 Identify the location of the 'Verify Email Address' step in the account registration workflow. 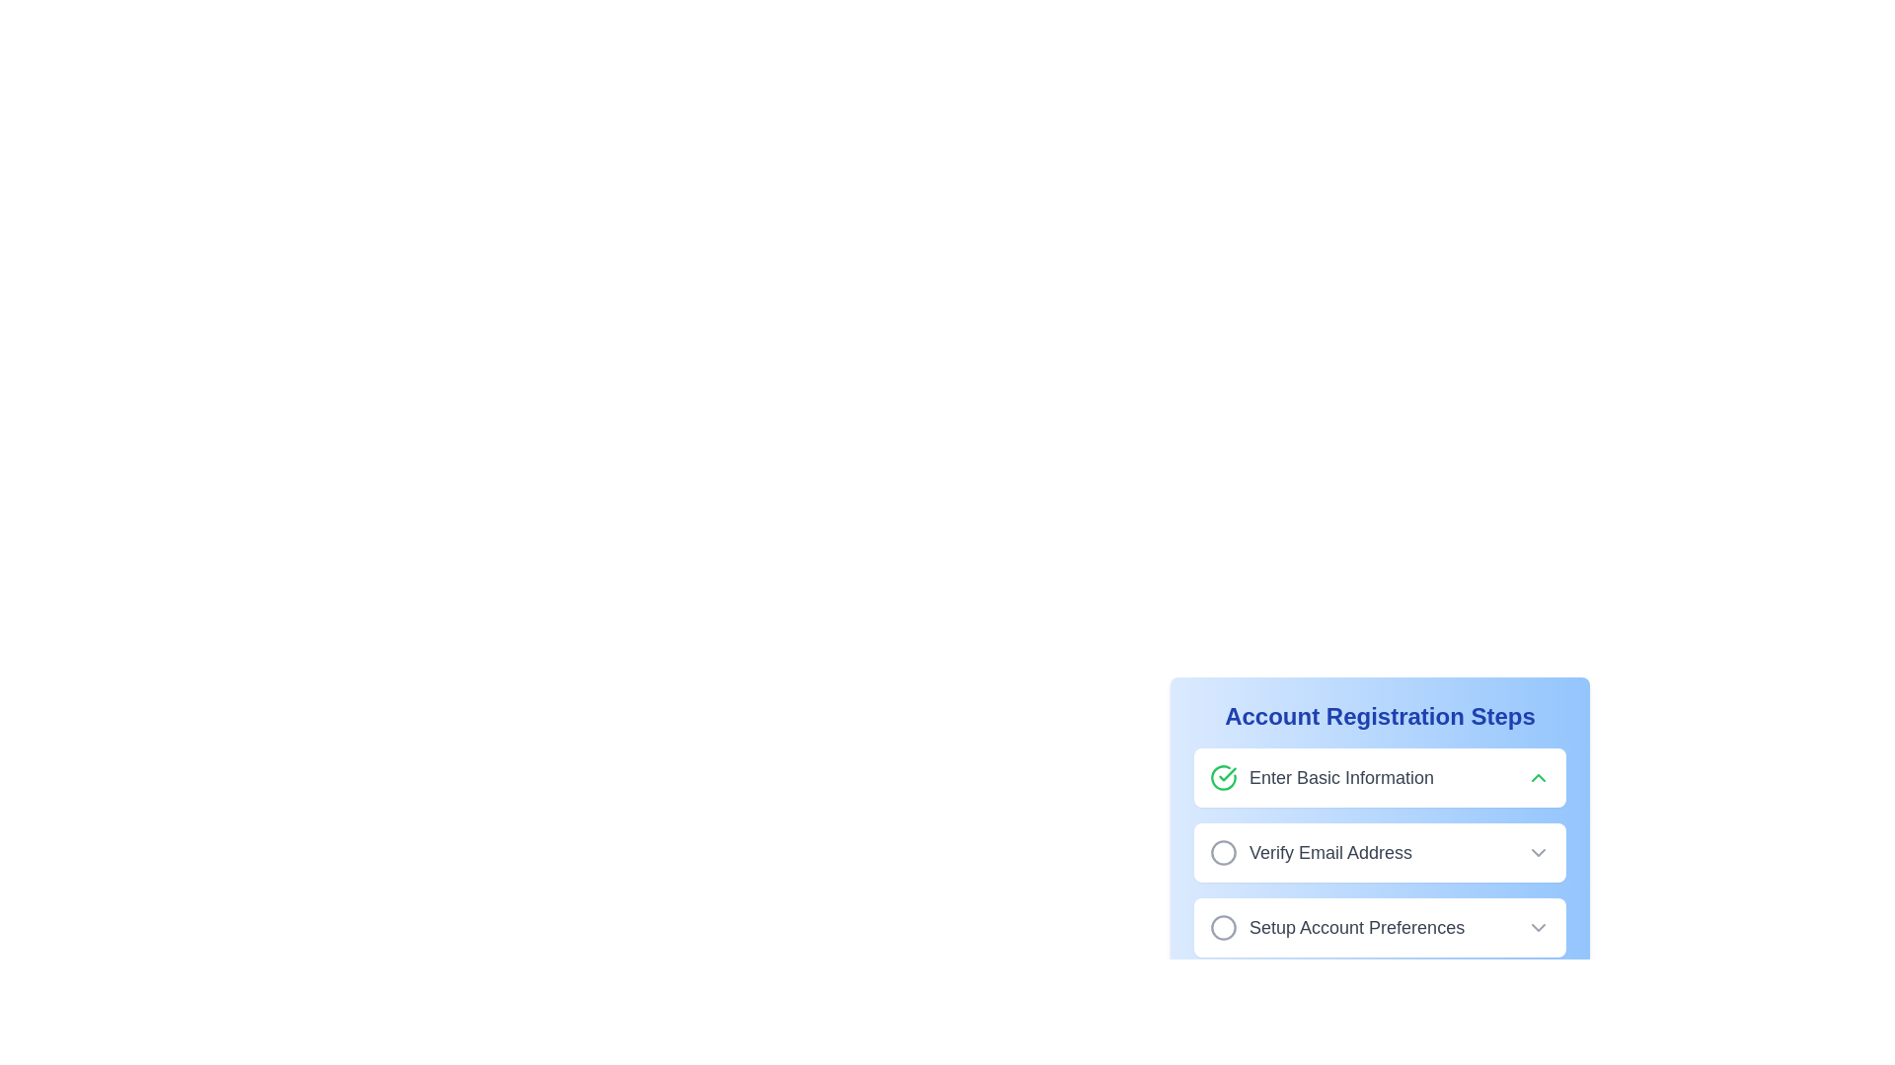
(1379, 851).